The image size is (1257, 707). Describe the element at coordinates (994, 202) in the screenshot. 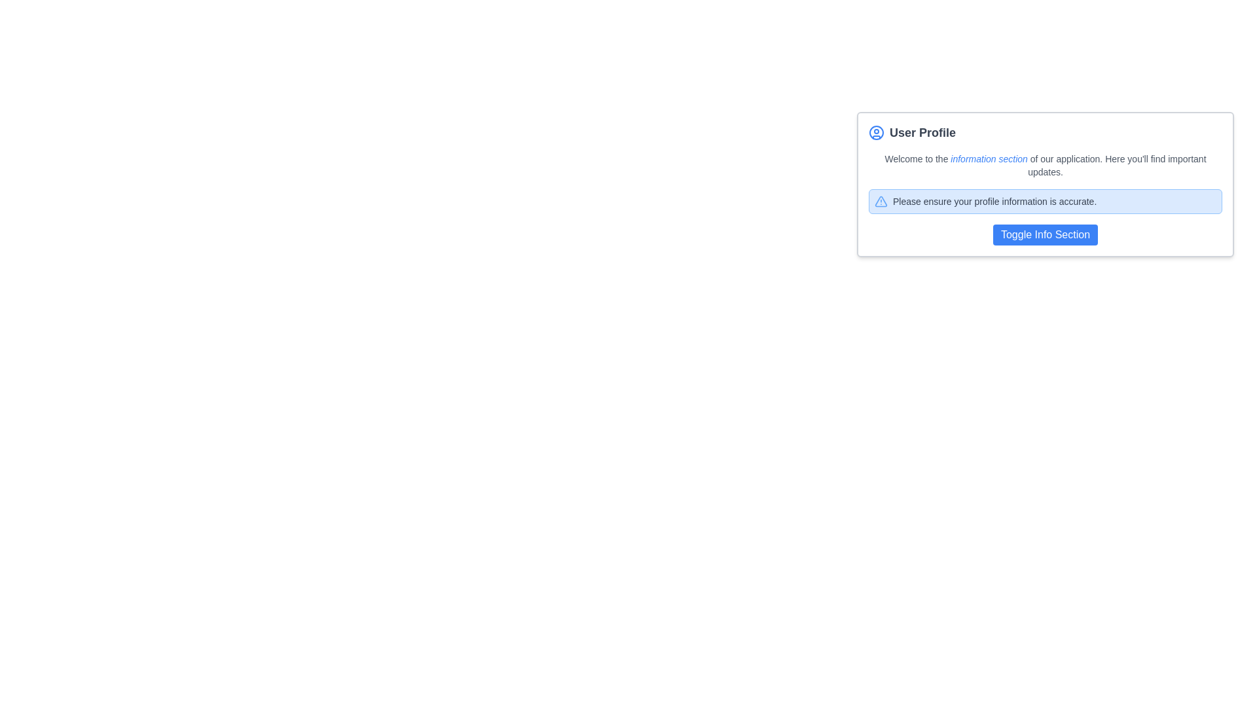

I see `text message 'Please ensure your profile information is accurate.' displayed in gray font within the user profile section below the warning icon` at that location.